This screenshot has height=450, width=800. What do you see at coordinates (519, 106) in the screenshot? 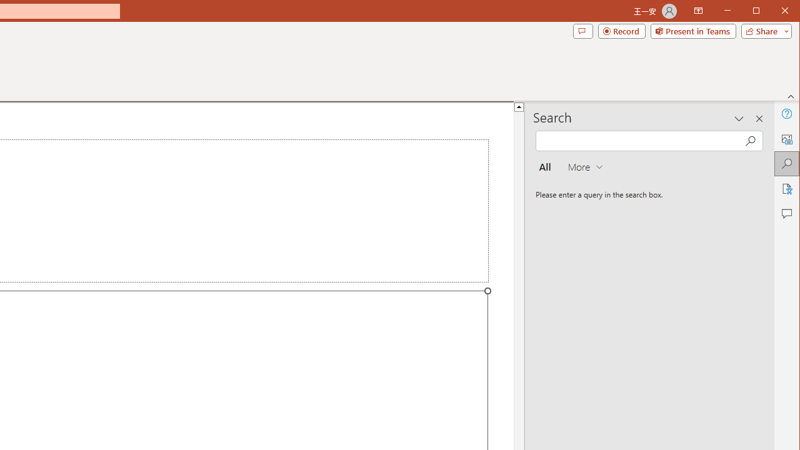
I see `'Line up'` at bounding box center [519, 106].